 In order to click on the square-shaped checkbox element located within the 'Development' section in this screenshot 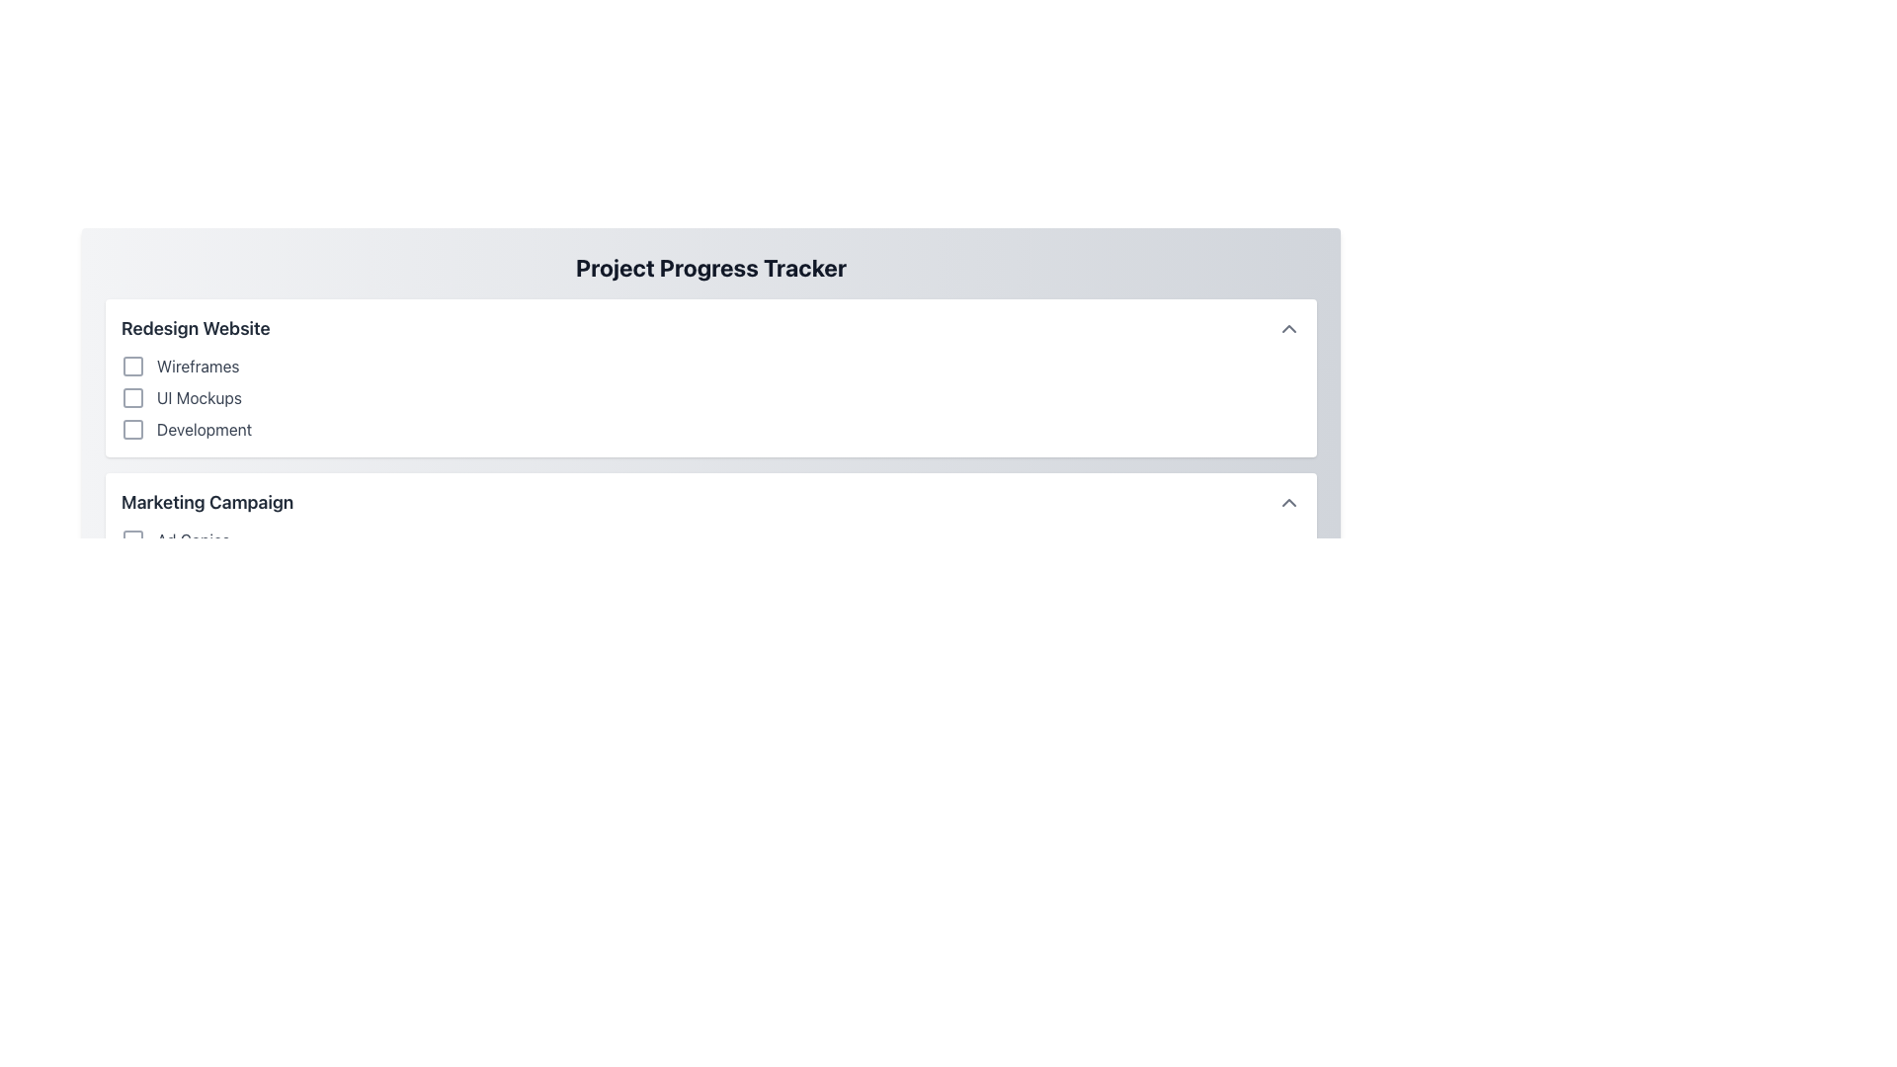, I will do `click(131, 429)`.